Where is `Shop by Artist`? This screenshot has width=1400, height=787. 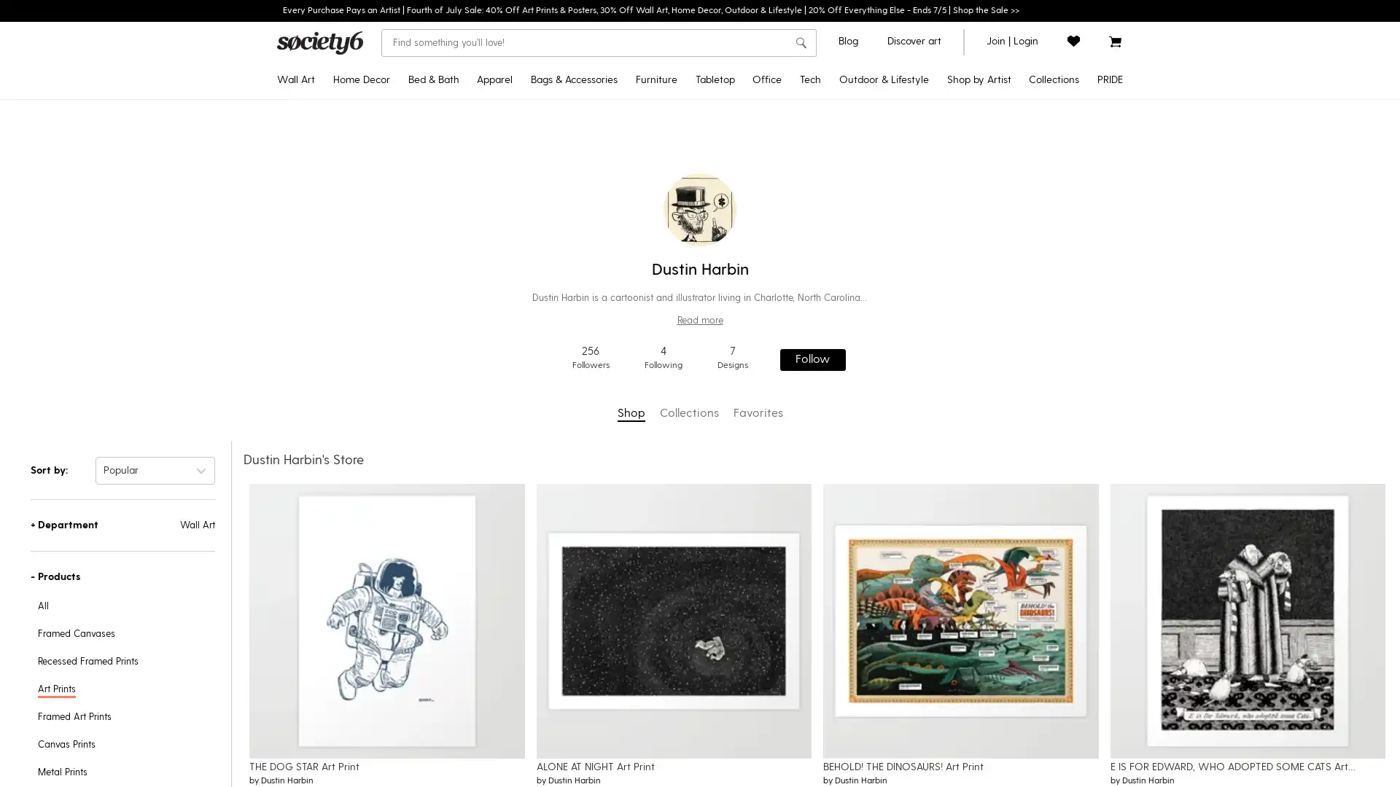
Shop by Artist is located at coordinates (979, 80).